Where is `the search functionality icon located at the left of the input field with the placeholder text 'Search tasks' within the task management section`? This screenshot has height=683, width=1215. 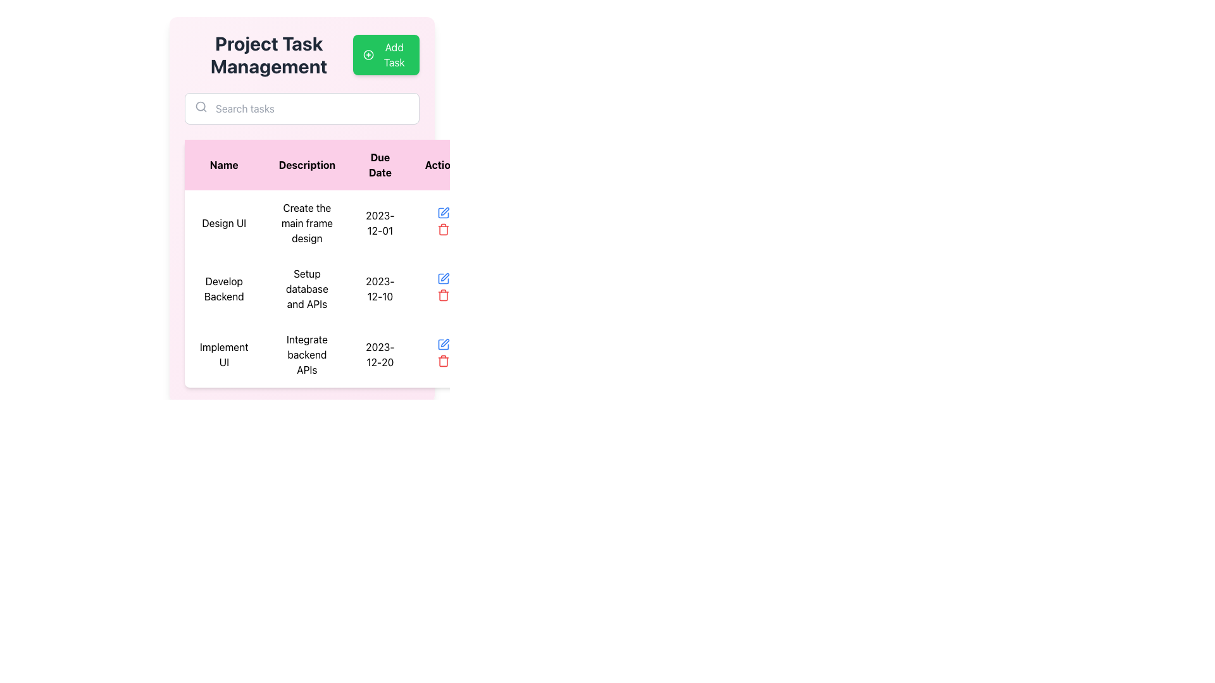 the search functionality icon located at the left of the input field with the placeholder text 'Search tasks' within the task management section is located at coordinates (200, 106).